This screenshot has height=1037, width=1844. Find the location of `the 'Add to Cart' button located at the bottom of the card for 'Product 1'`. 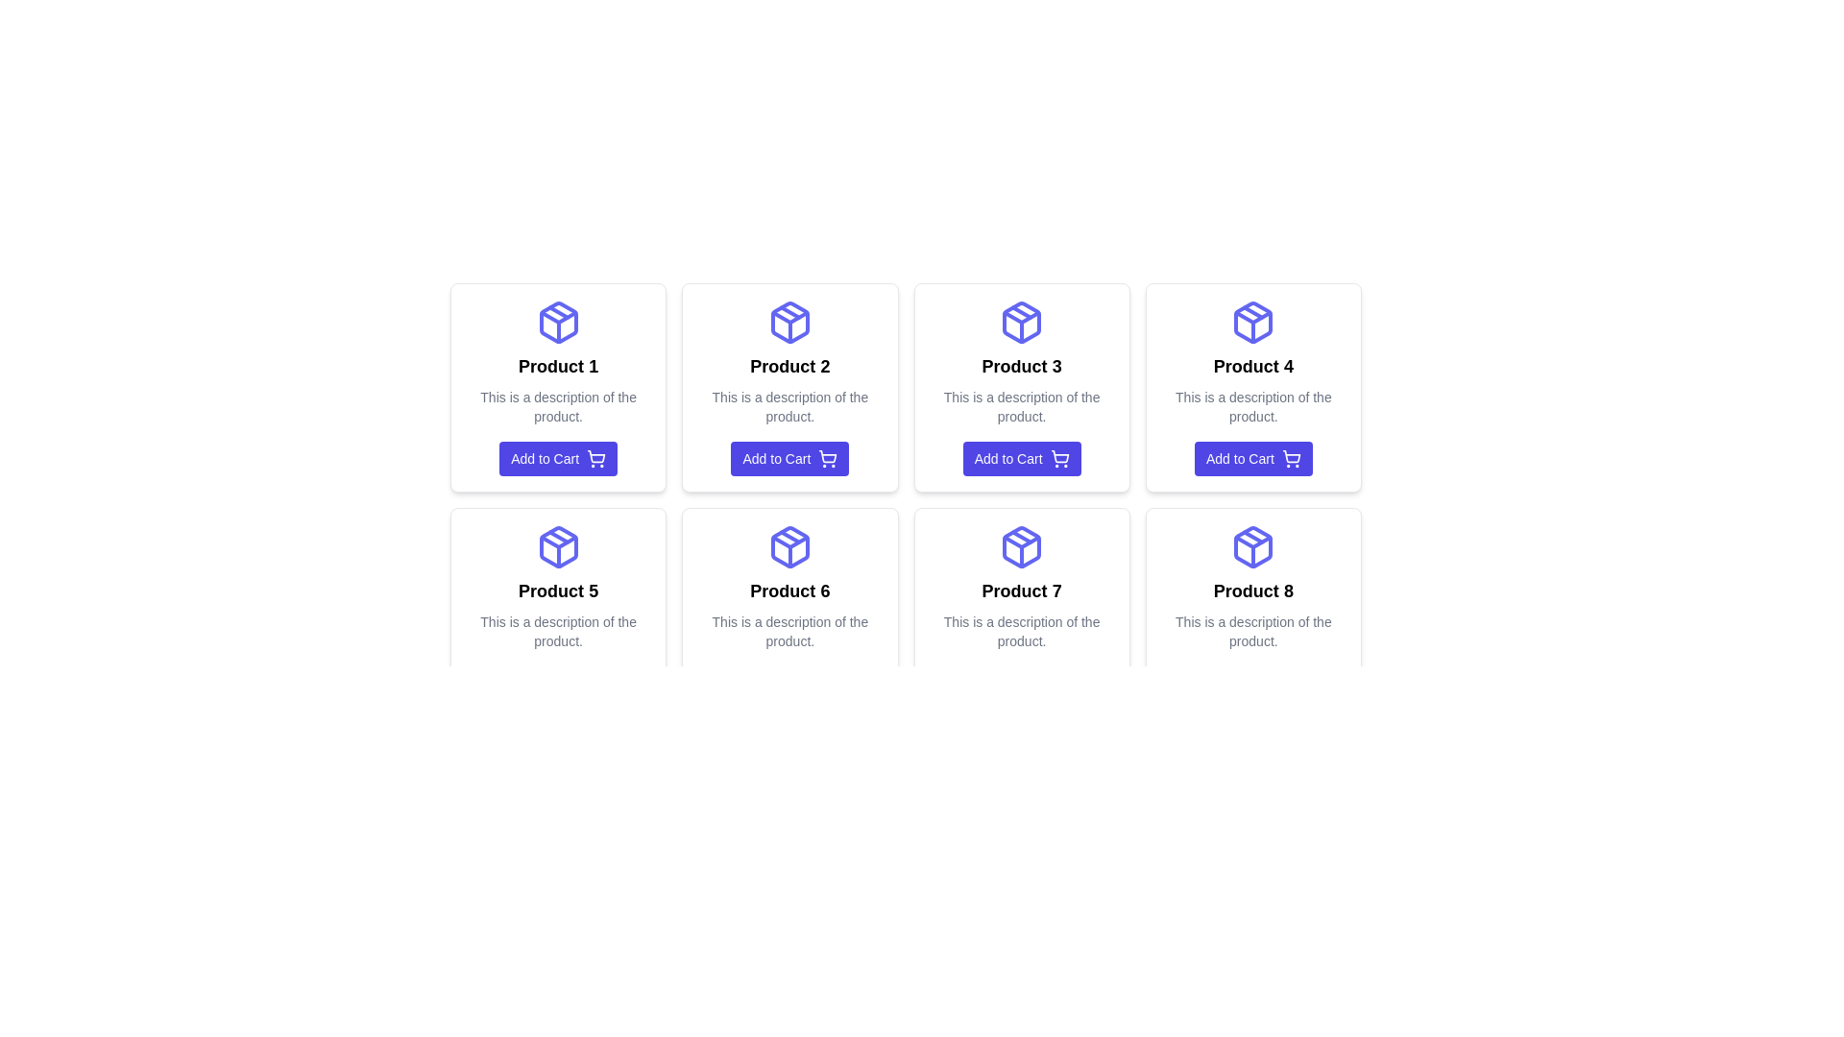

the 'Add to Cart' button located at the bottom of the card for 'Product 1' is located at coordinates (557, 459).